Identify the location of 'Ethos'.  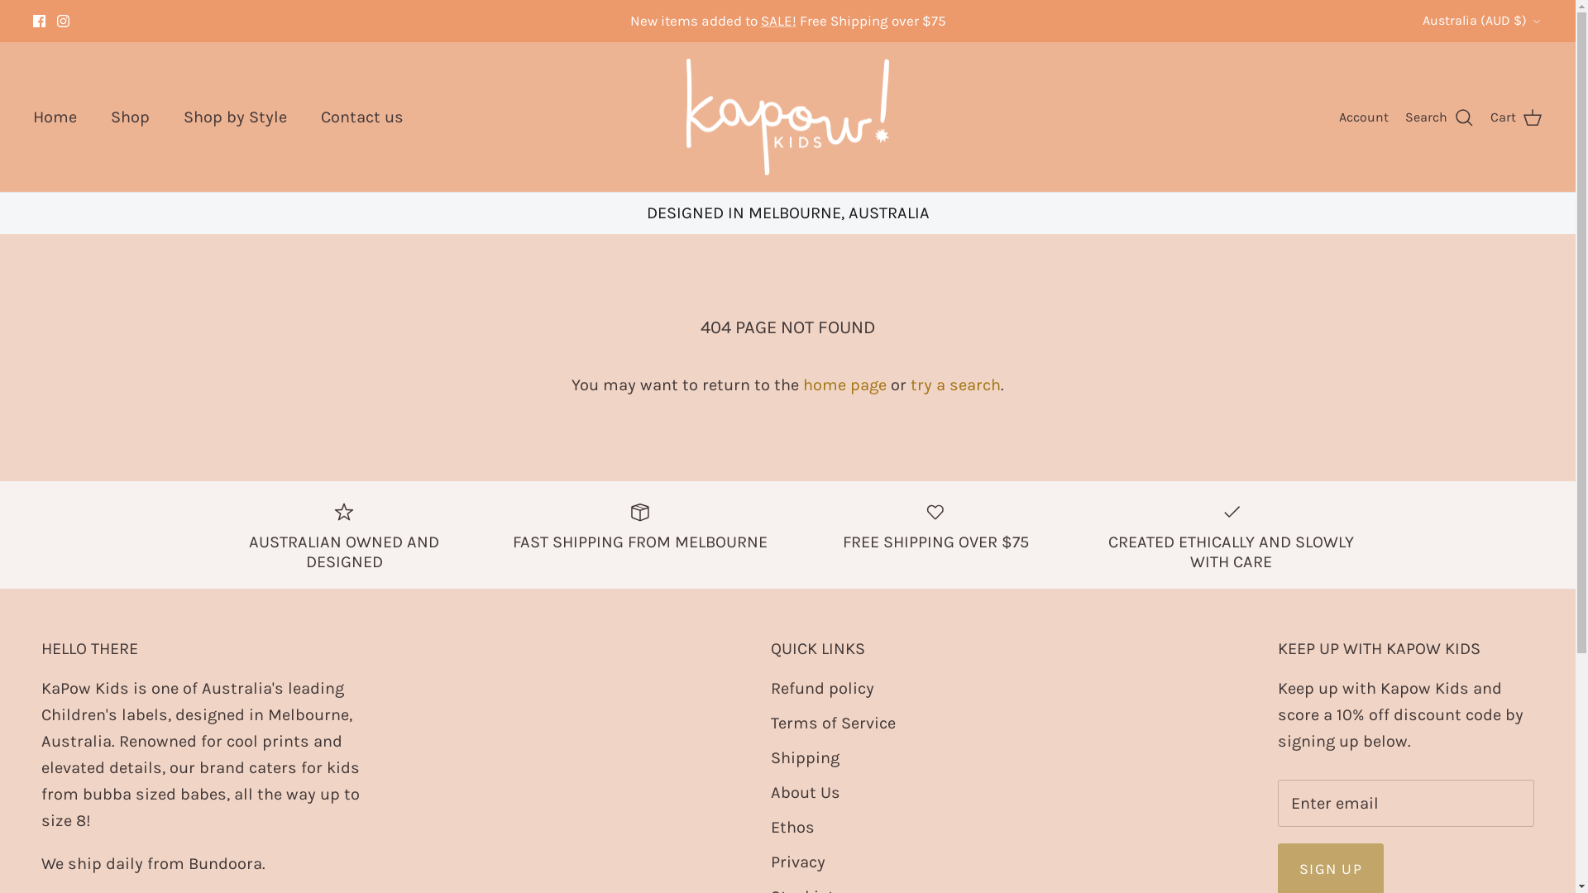
(792, 827).